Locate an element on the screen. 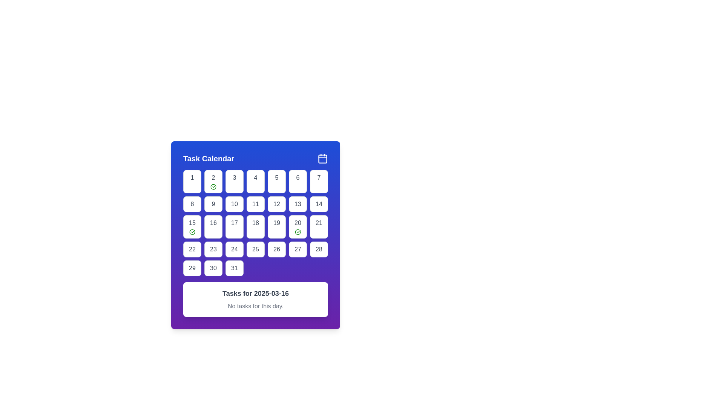 Image resolution: width=724 pixels, height=407 pixels. the button representing the 31st day in the calendar interface is located at coordinates (234, 268).